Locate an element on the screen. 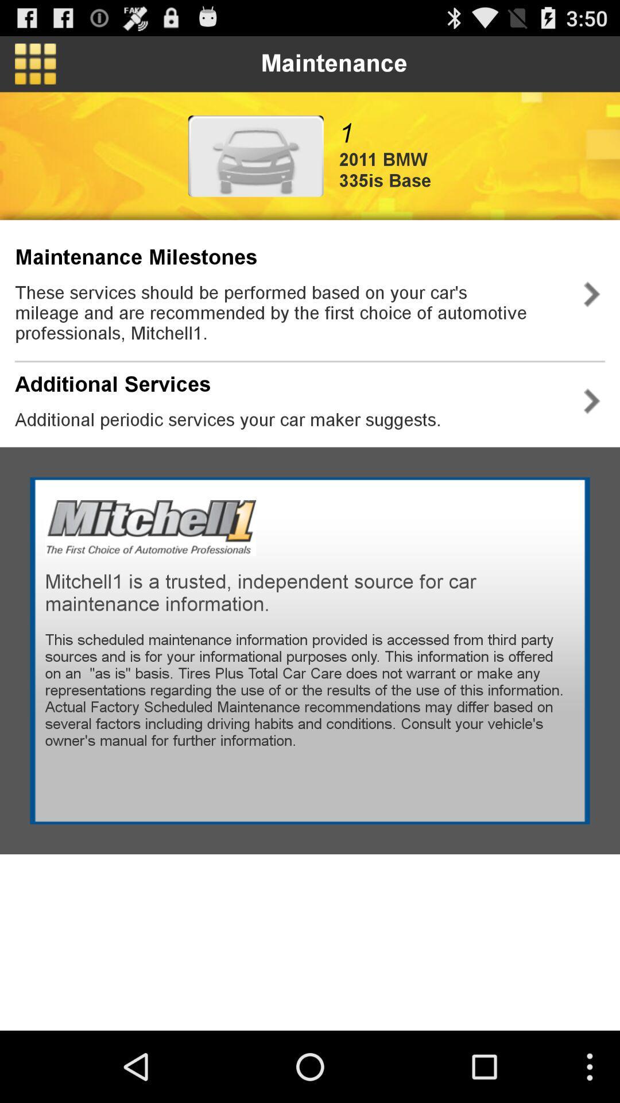  icon above the maintenance milestones item is located at coordinates (255, 155).